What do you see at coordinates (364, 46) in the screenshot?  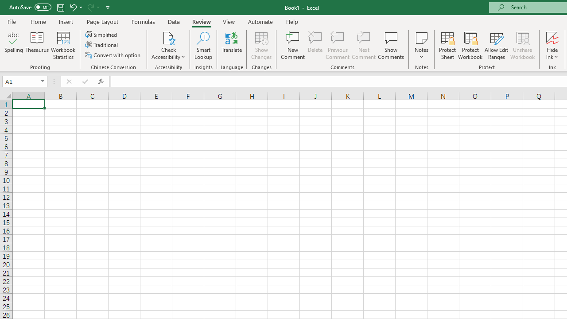 I see `'Next Comment'` at bounding box center [364, 46].